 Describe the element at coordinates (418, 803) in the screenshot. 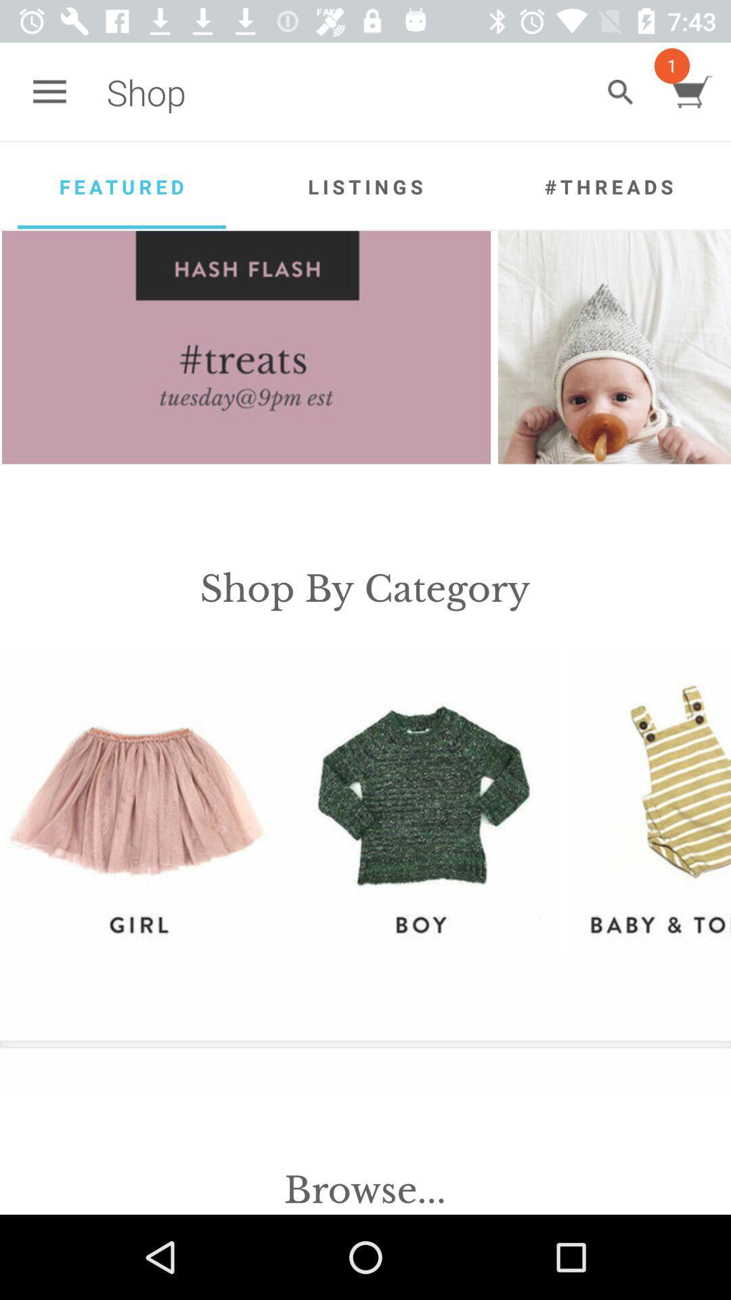

I see `icon below the shop by category item` at that location.